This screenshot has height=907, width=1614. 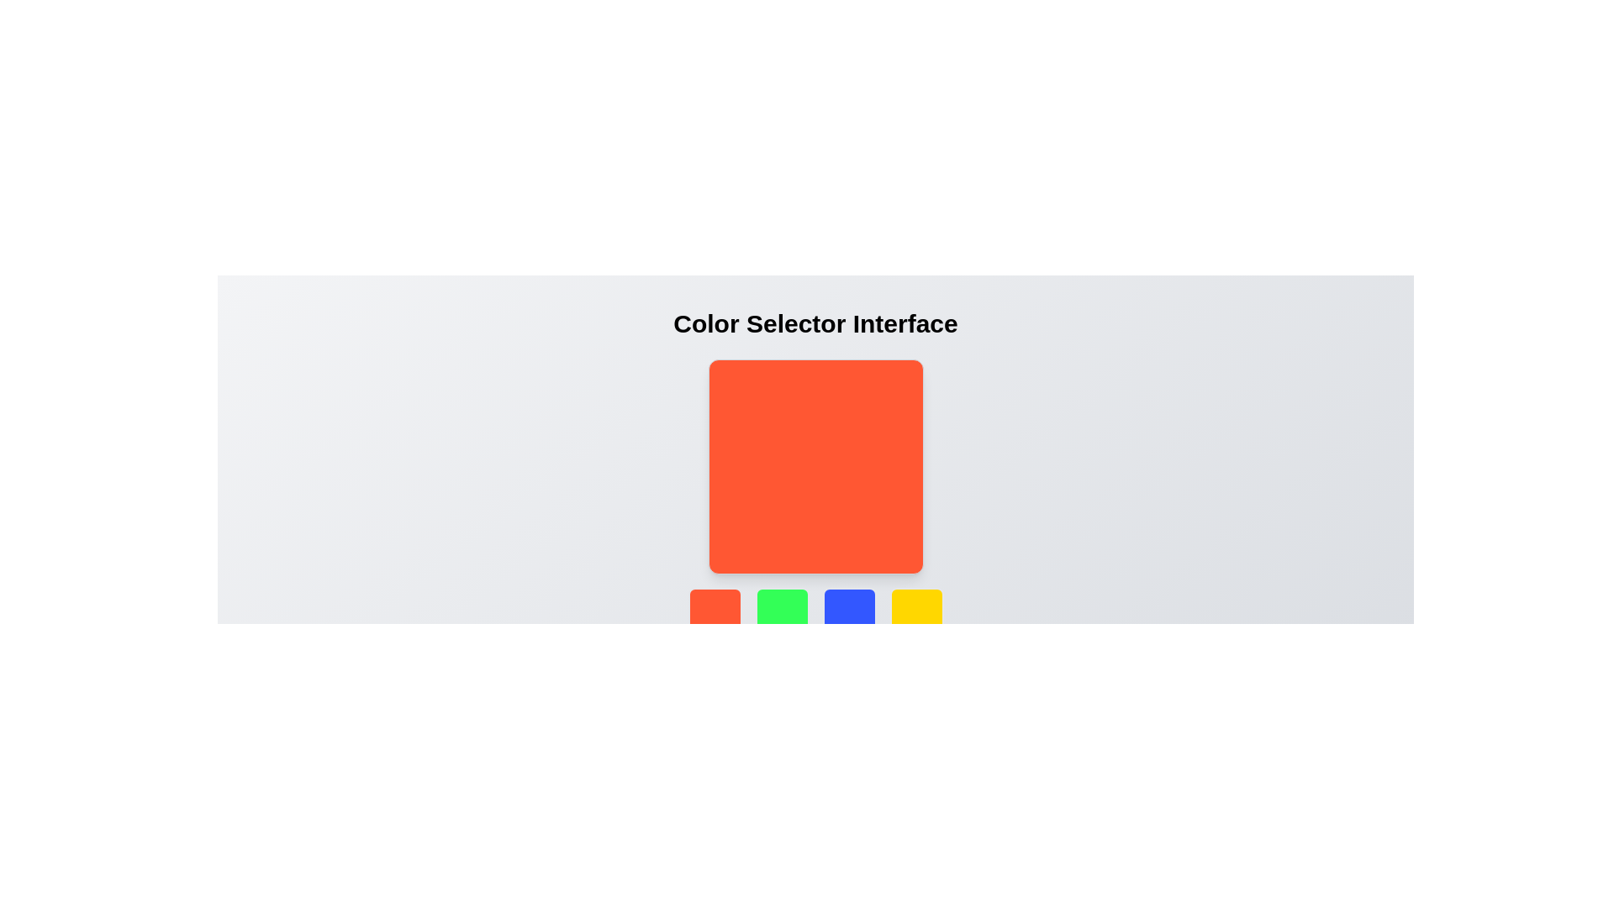 I want to click on the red square-shaped button with rounded corners located at the bottom of the layout, which is the first button in a row of four horizontal buttons, so click(x=715, y=615).